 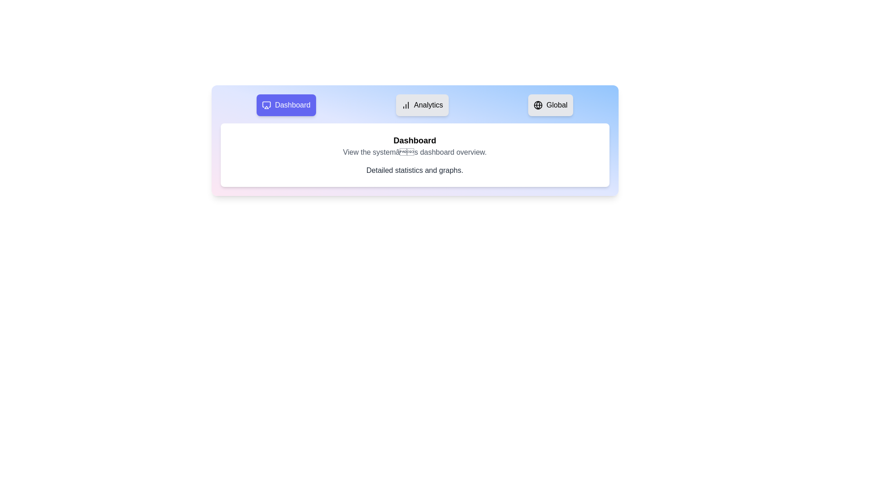 What do you see at coordinates (550, 104) in the screenshot?
I see `the tab labeled Global` at bounding box center [550, 104].